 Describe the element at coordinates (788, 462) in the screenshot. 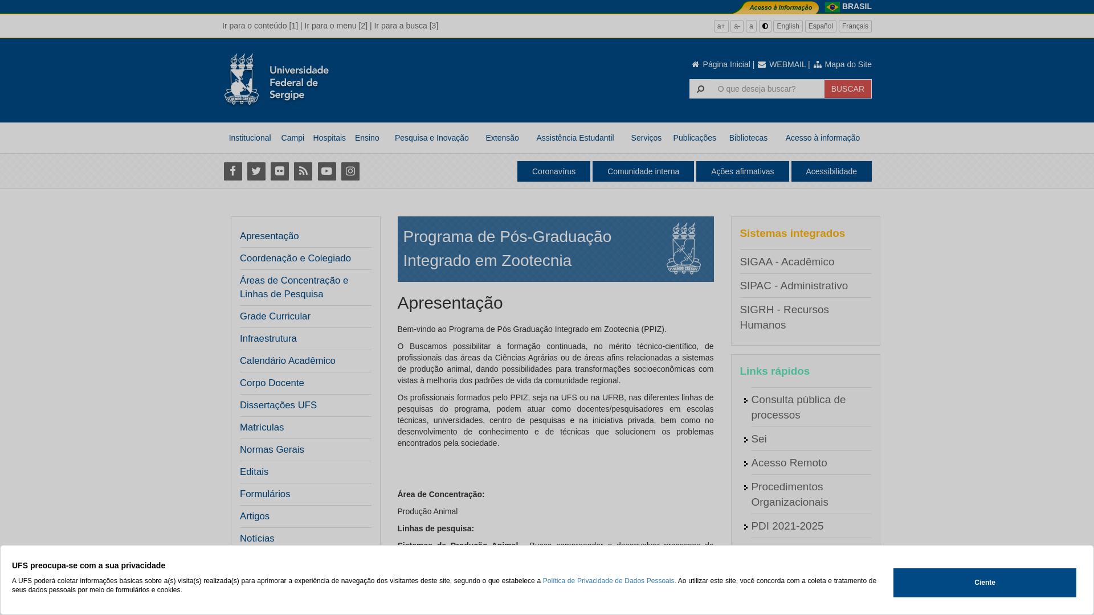

I see `'Acesso Remoto'` at that location.